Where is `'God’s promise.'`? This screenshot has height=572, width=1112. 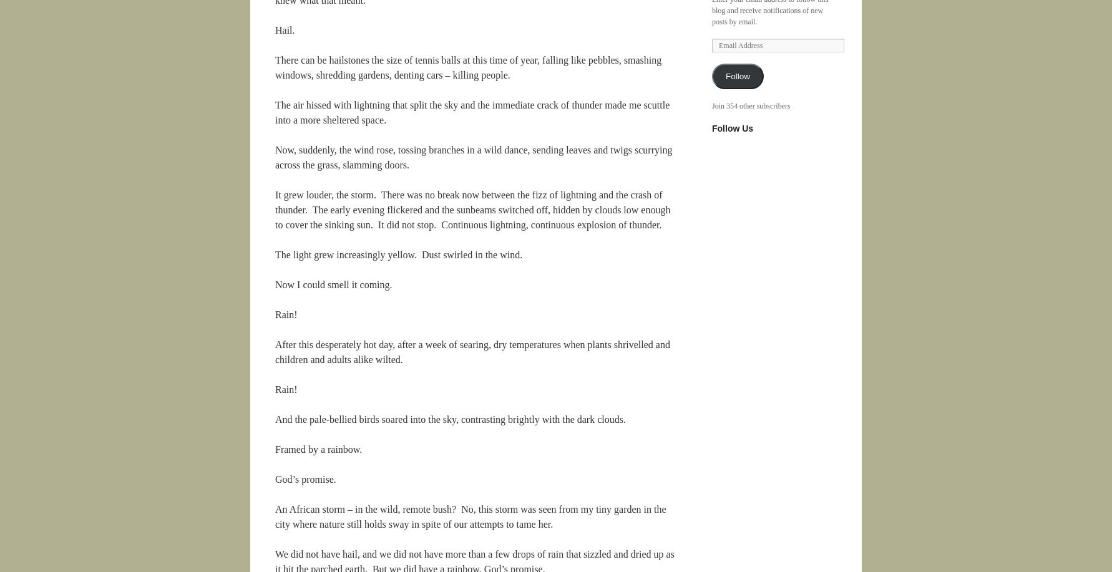
'God’s promise.' is located at coordinates (305, 478).